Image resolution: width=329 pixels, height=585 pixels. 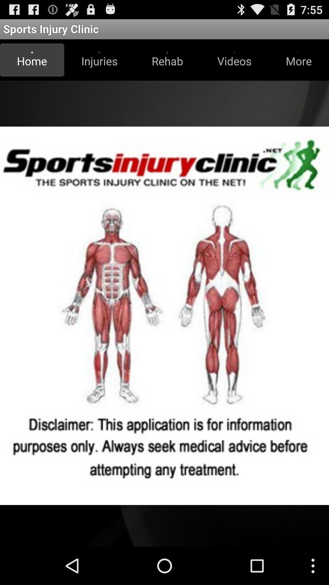 I want to click on the item next to videos, so click(x=298, y=60).